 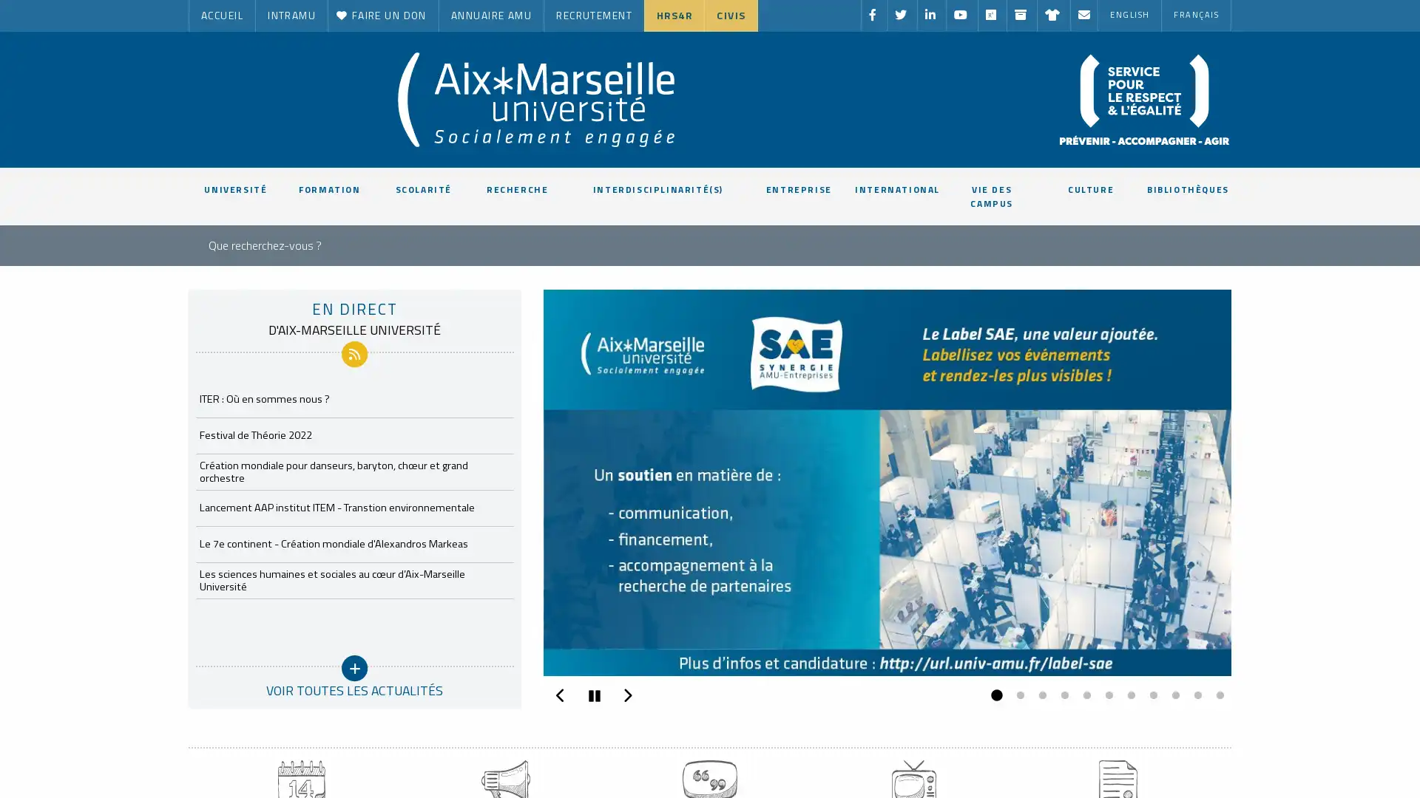 I want to click on Go to slide 3, so click(x=1038, y=695).